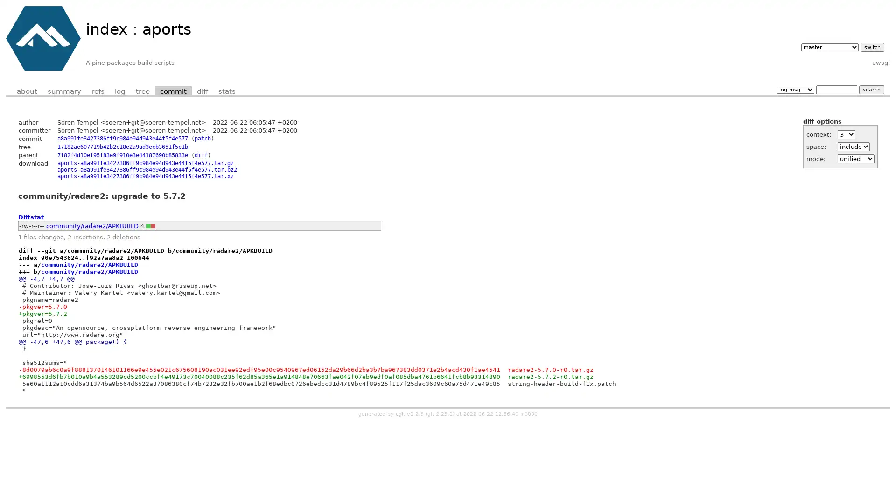  I want to click on search, so click(871, 89).